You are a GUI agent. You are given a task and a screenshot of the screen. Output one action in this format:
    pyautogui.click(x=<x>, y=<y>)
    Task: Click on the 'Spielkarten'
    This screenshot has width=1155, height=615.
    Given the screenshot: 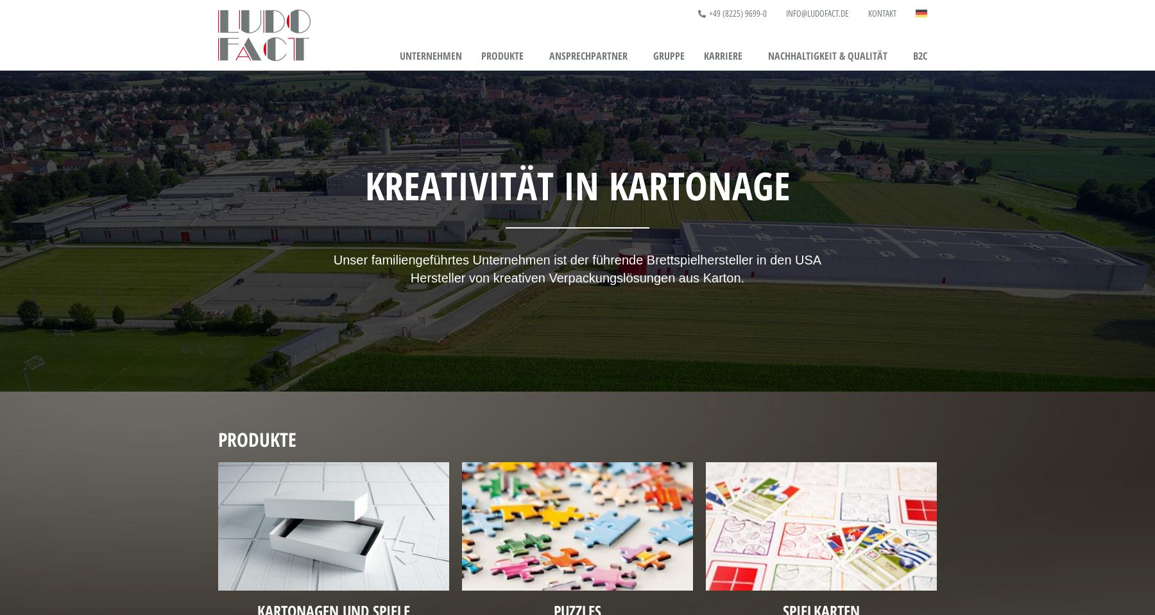 What is the action you would take?
    pyautogui.click(x=493, y=143)
    